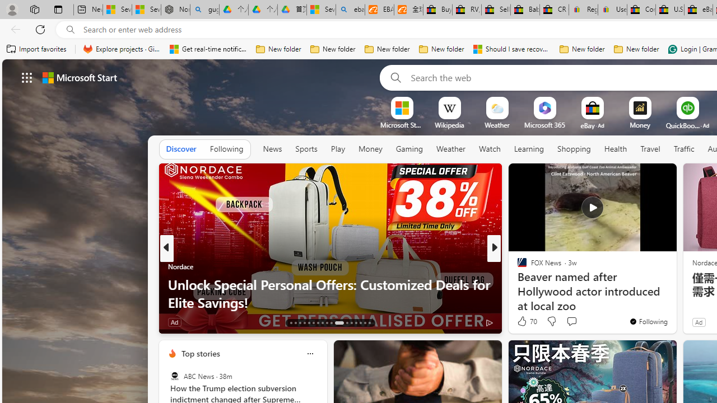  What do you see at coordinates (576, 322) in the screenshot?
I see `'View comments 24 Comment'` at bounding box center [576, 322].